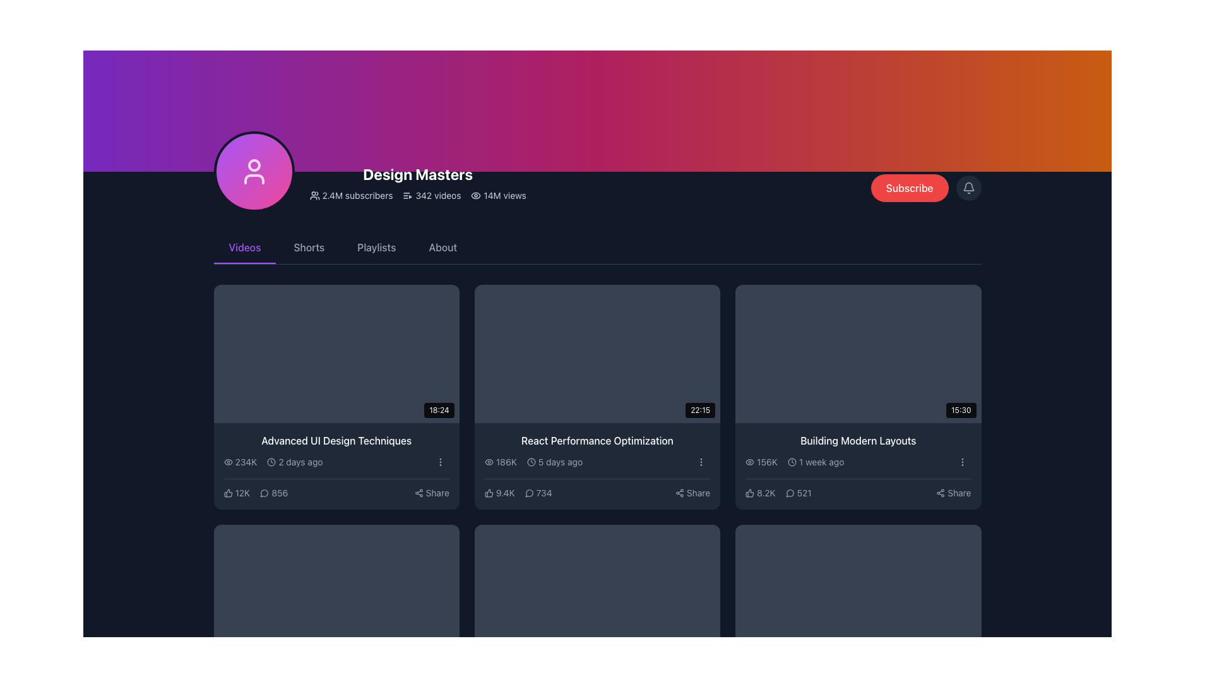 The width and height of the screenshot is (1212, 682). Describe the element at coordinates (237, 492) in the screenshot. I see `the like button, which features a thumb-up icon and the text '12K', located in the video metadata section below the thumbnail for the 'Advanced UI Design Techniques' video` at that location.